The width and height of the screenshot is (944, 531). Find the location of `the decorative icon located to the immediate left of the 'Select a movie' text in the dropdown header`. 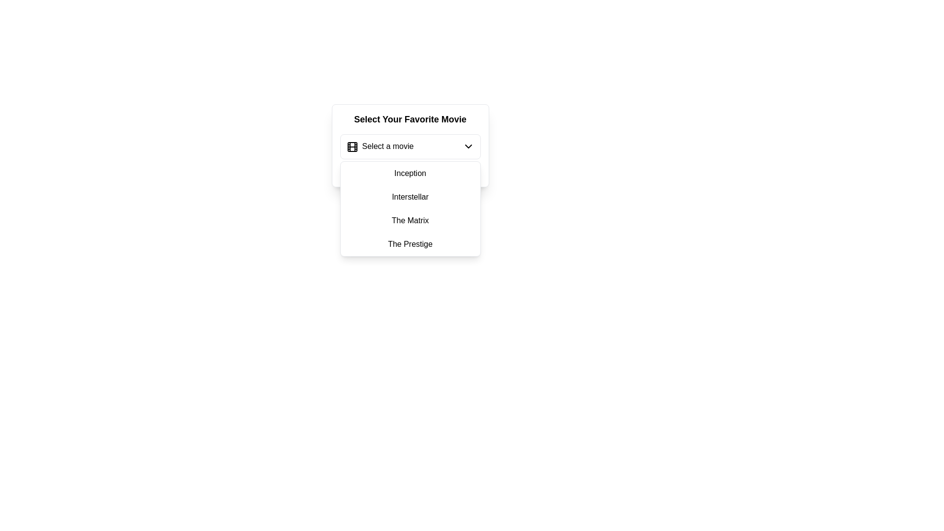

the decorative icon located to the immediate left of the 'Select a movie' text in the dropdown header is located at coordinates (352, 147).